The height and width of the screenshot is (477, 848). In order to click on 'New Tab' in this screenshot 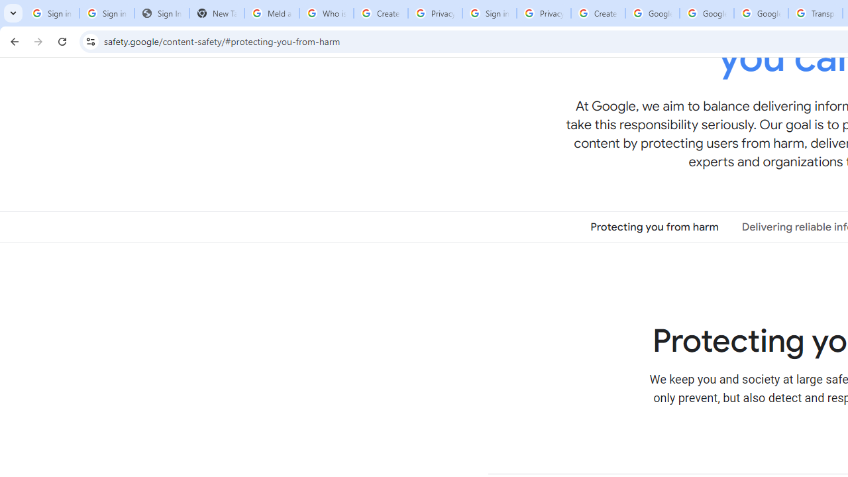, I will do `click(217, 13)`.